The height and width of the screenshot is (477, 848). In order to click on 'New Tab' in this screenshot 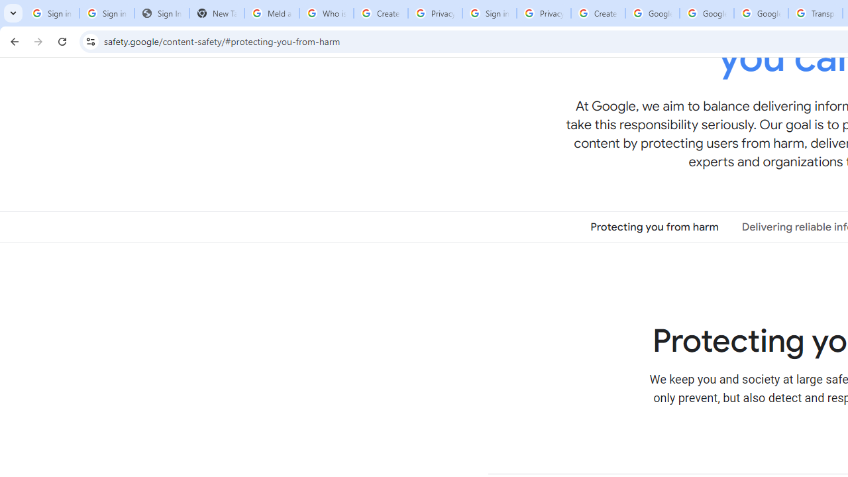, I will do `click(217, 13)`.